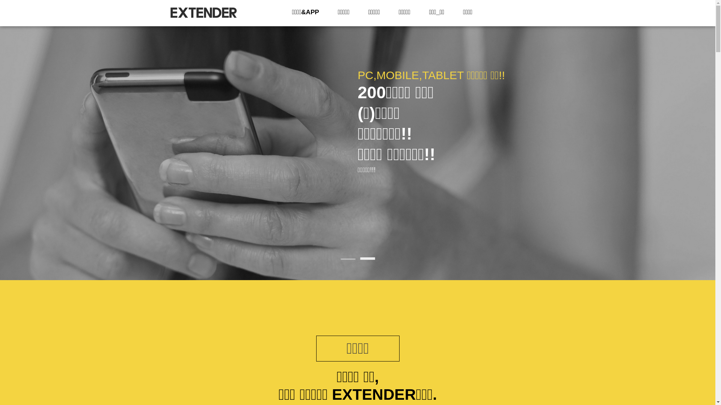 The image size is (721, 405). Describe the element at coordinates (347, 258) in the screenshot. I see `'1'` at that location.